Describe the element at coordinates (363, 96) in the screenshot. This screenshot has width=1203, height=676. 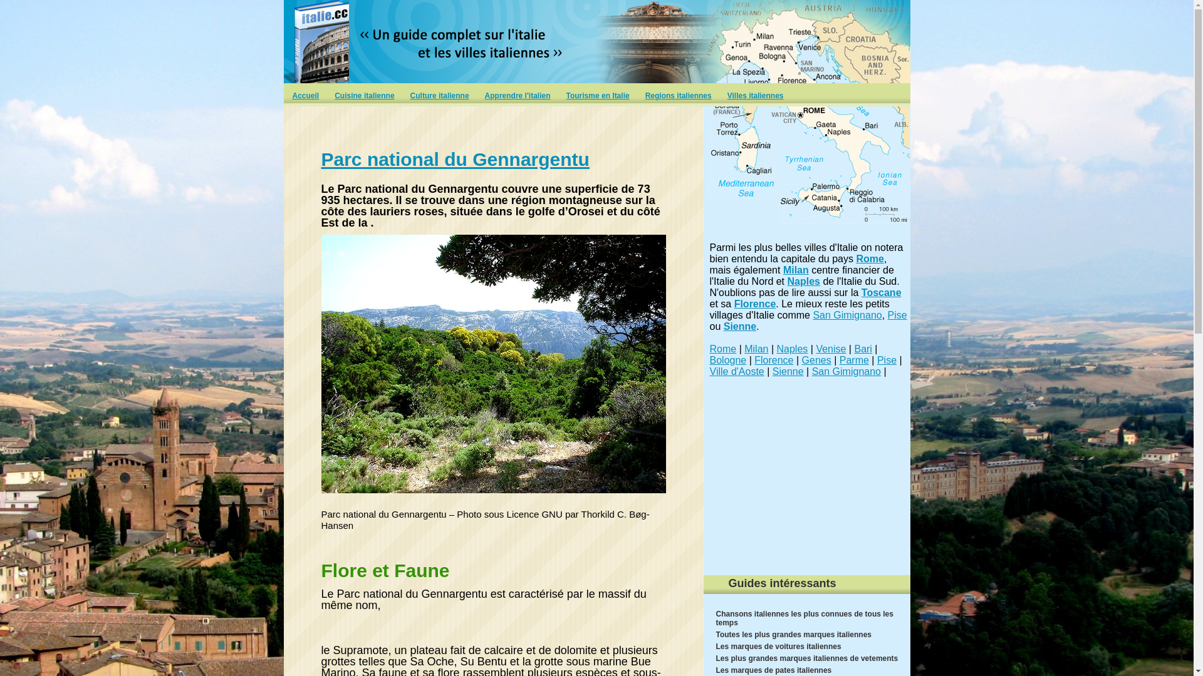
I see `'Cuisine italienne'` at that location.